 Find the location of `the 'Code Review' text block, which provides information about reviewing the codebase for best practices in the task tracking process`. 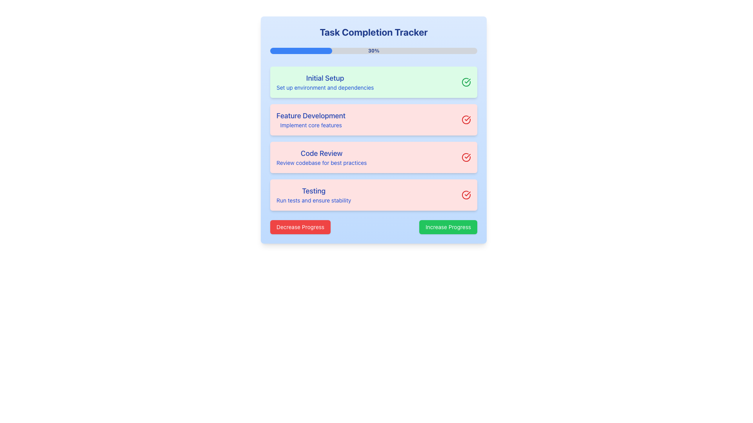

the 'Code Review' text block, which provides information about reviewing the codebase for best practices in the task tracking process is located at coordinates (322, 157).